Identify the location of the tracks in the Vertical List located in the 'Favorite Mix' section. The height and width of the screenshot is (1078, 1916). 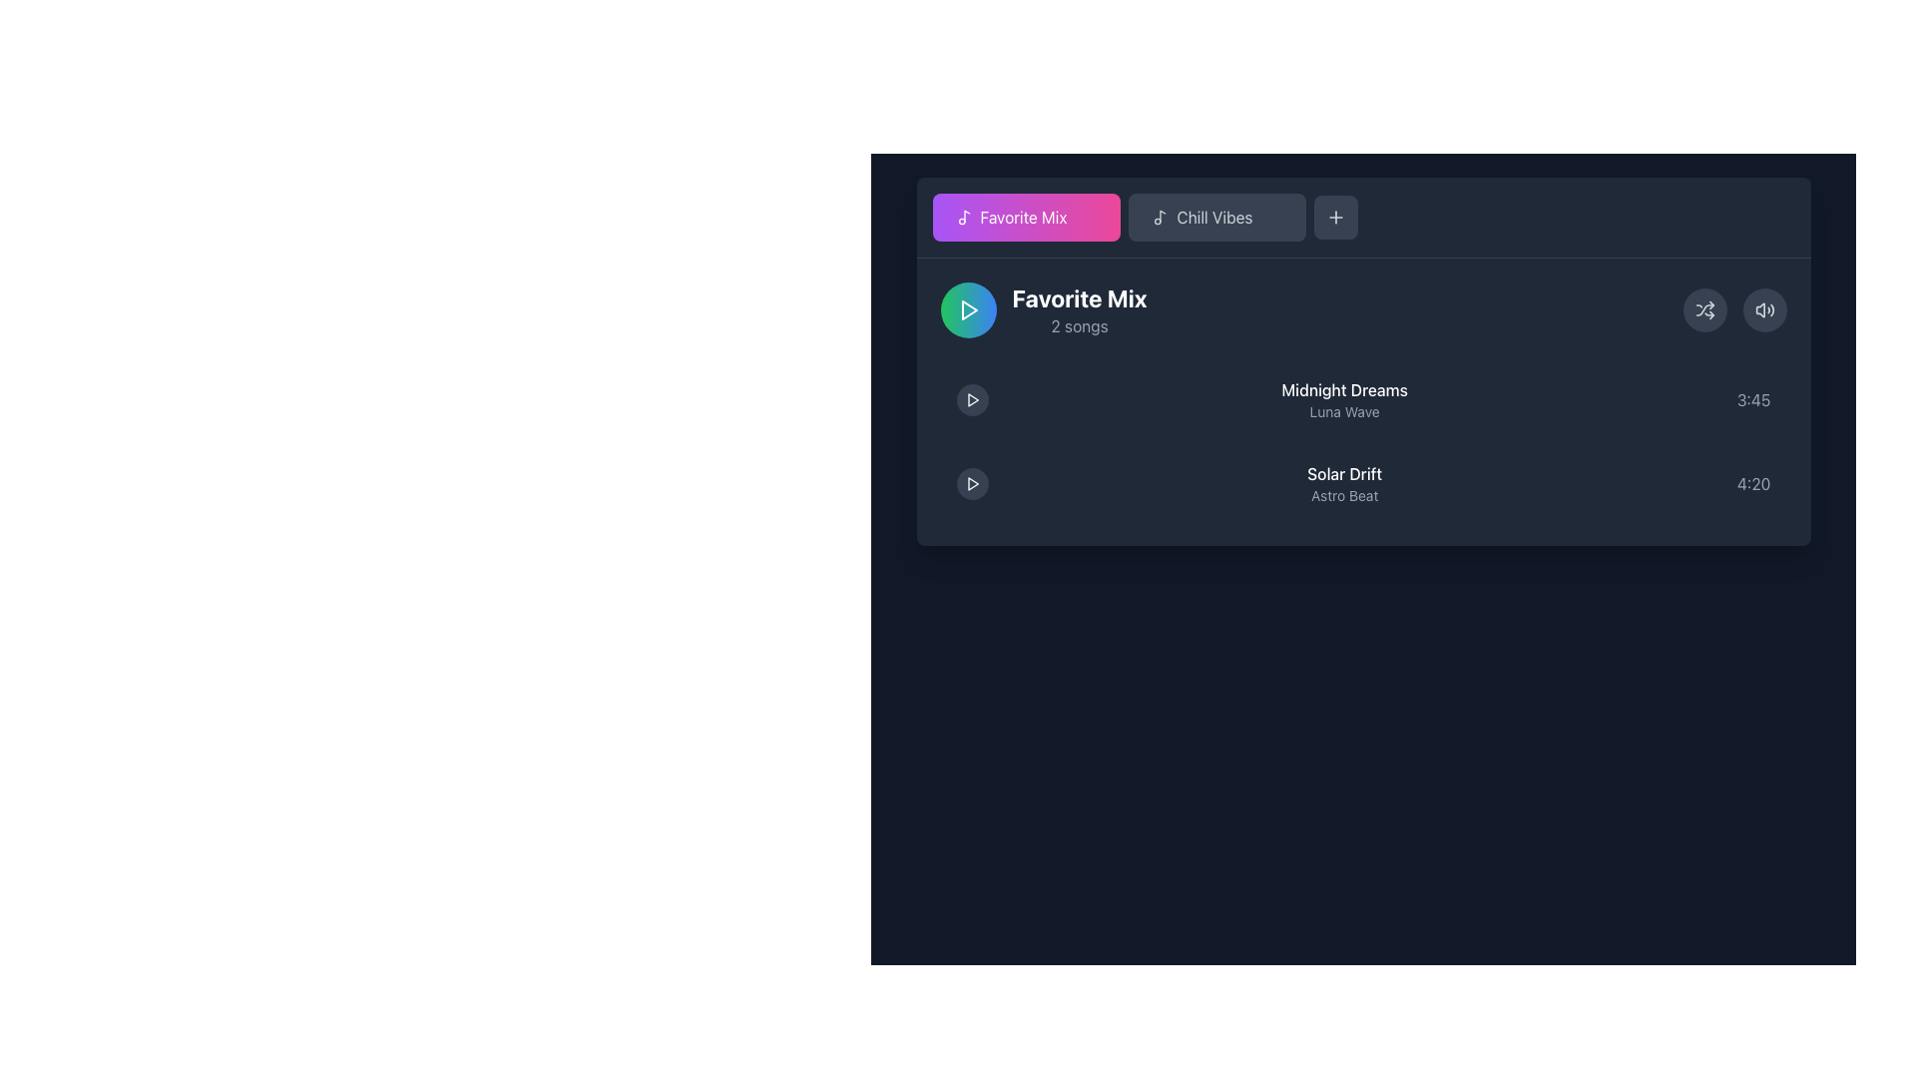
(1362, 441).